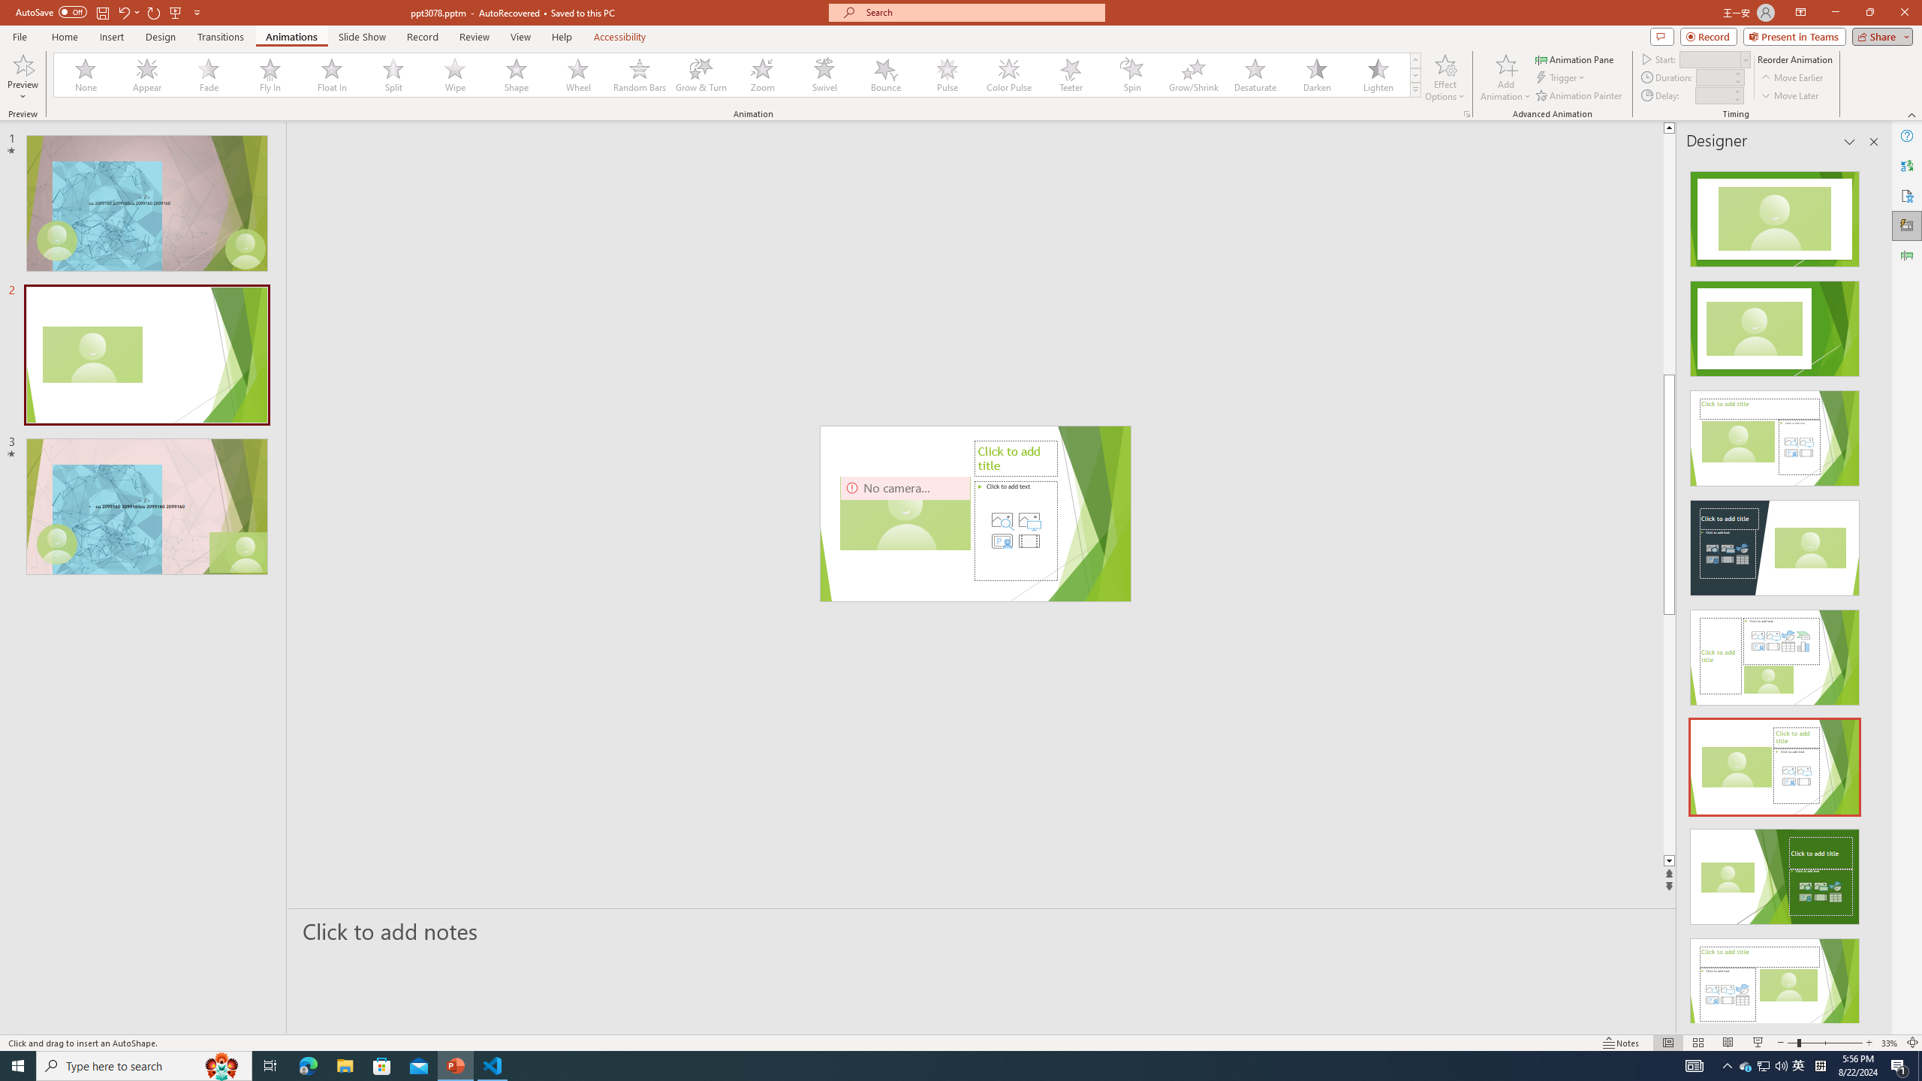  Describe the element at coordinates (1131, 74) in the screenshot. I see `'Spin'` at that location.